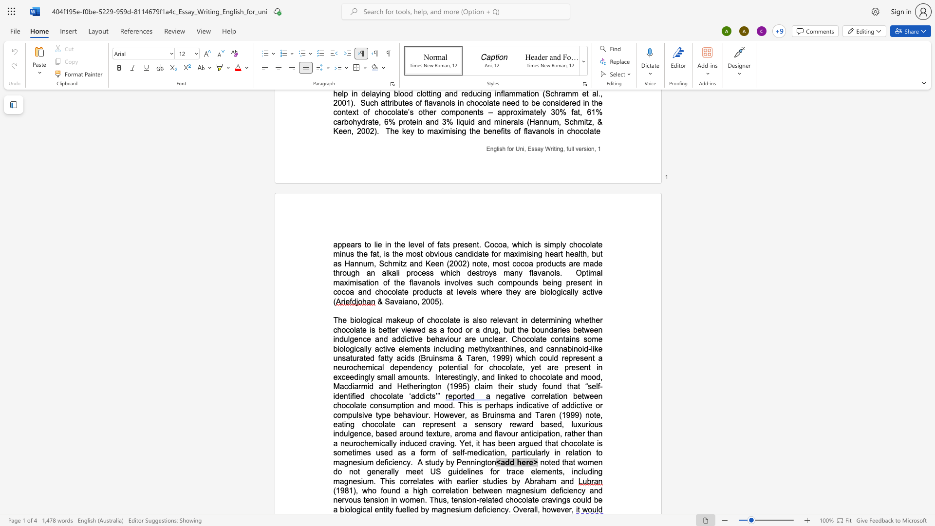 The width and height of the screenshot is (935, 526). I want to click on the space between the continuous character "c" and "e" in the text, so click(345, 376).